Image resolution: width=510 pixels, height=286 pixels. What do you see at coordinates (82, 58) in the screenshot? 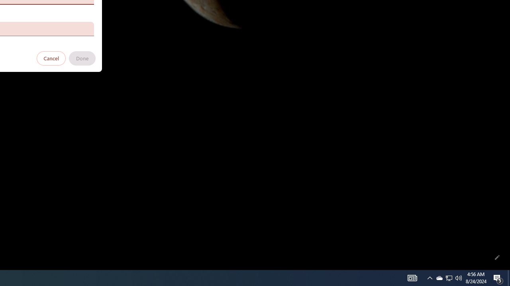
I see `'Done'` at bounding box center [82, 58].